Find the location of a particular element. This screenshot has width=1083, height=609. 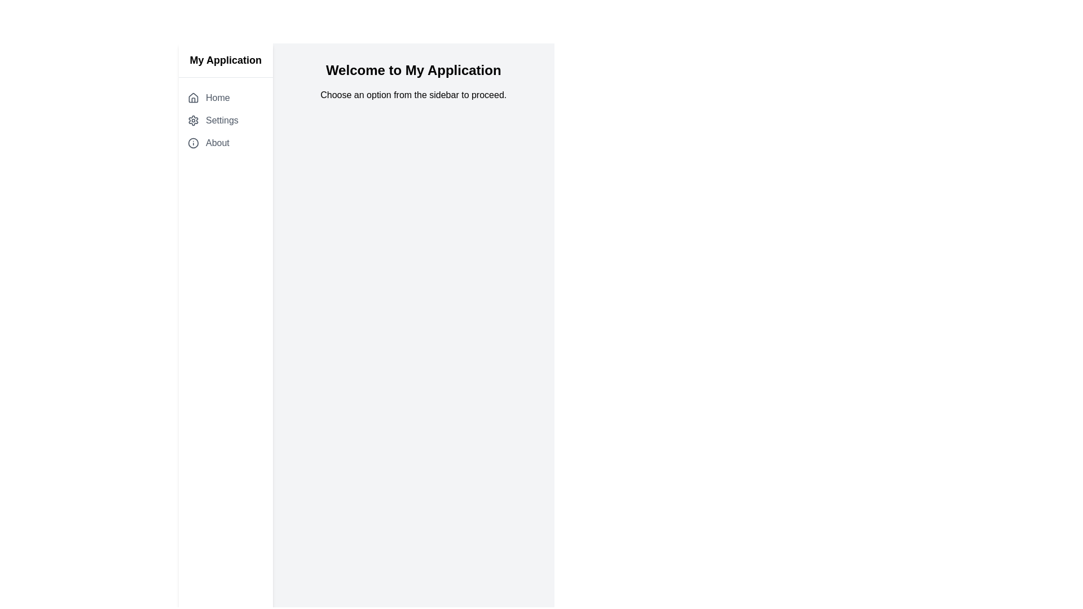

the navigation link located at the top of the vertical list in the sidebar is located at coordinates (225, 97).